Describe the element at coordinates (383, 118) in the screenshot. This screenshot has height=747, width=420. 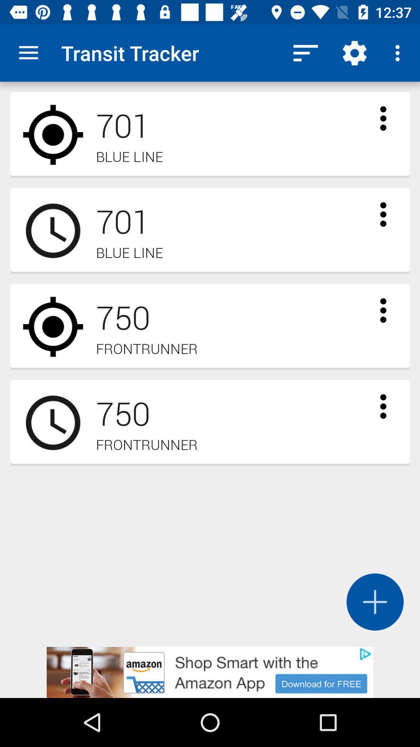
I see `more options` at that location.